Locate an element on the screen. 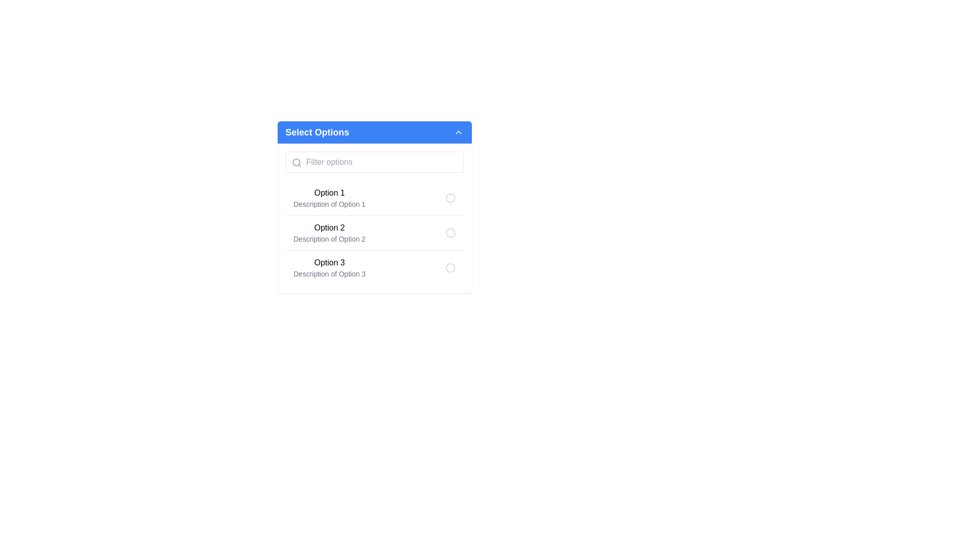 This screenshot has width=971, height=546. the topmost menu option labeled 'Option 1' in the dropdown-style menu is located at coordinates (329, 198).